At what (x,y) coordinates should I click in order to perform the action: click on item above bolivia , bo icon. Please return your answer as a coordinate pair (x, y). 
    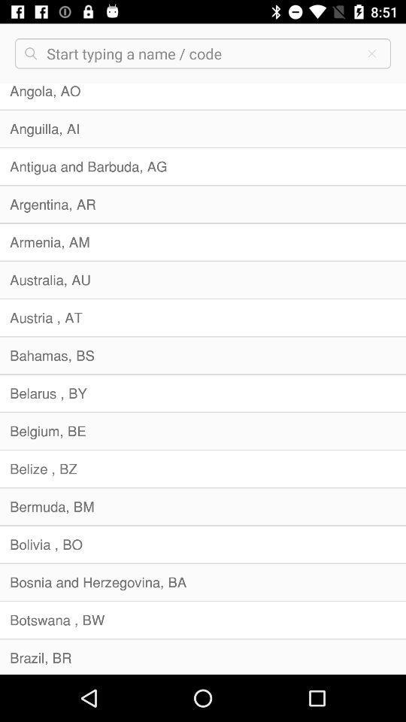
    Looking at the image, I should click on (203, 506).